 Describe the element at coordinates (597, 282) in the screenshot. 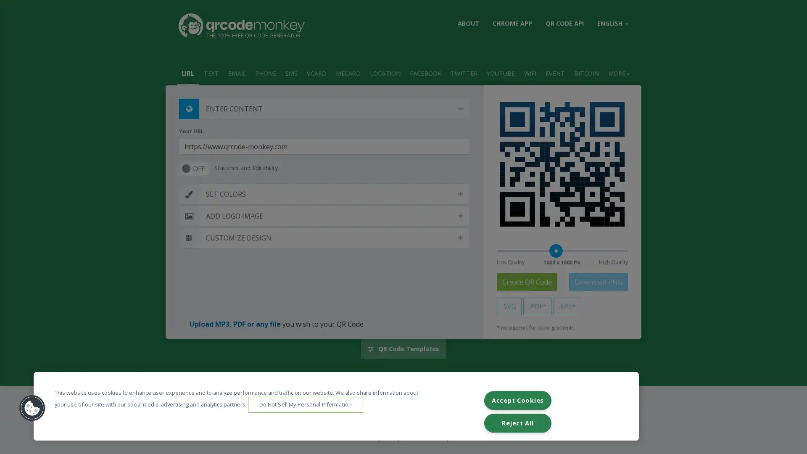

I see `Download PNG` at that location.